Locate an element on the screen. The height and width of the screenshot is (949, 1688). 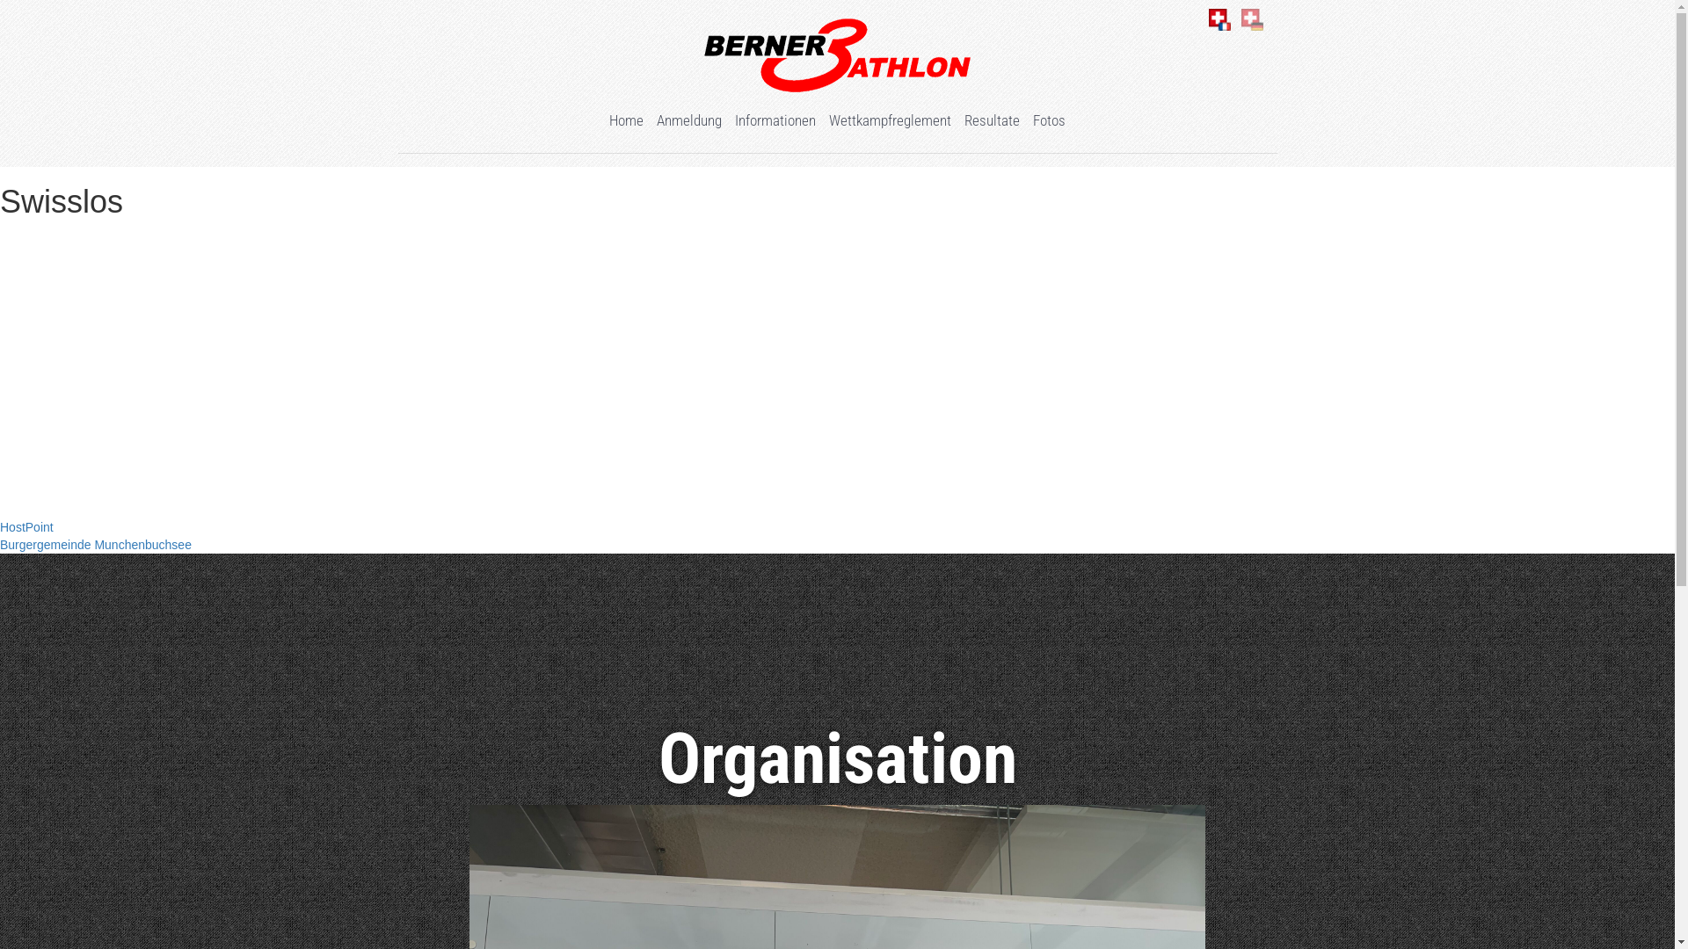
'Wettkampfreglement' is located at coordinates (890, 120).